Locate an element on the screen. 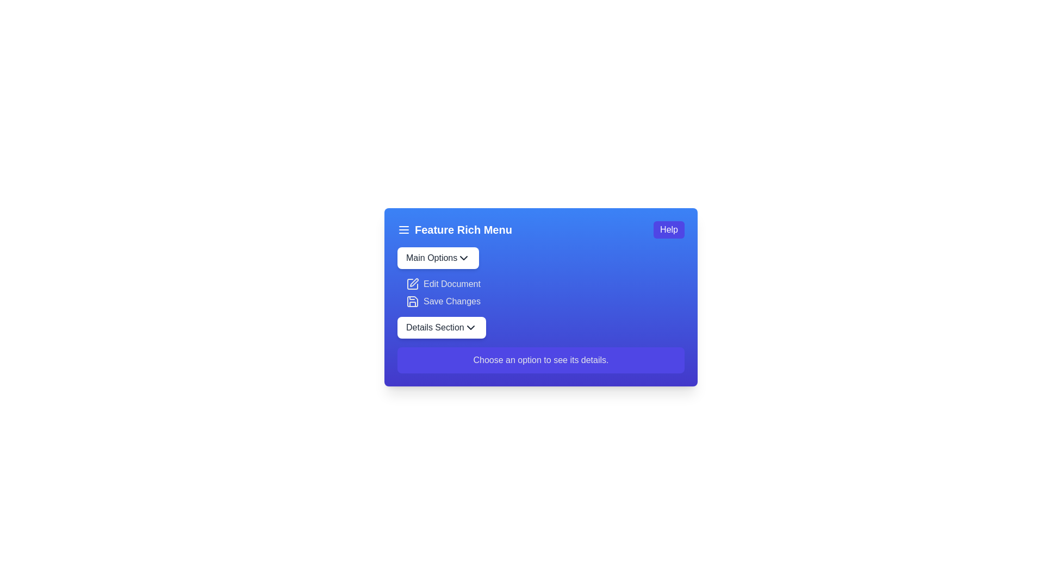 Image resolution: width=1044 pixels, height=587 pixels. the informational label located at the bottom of the section, below 'Main Options', 'Edit Document', 'Save Changes', and 'Details Section' is located at coordinates (540, 360).